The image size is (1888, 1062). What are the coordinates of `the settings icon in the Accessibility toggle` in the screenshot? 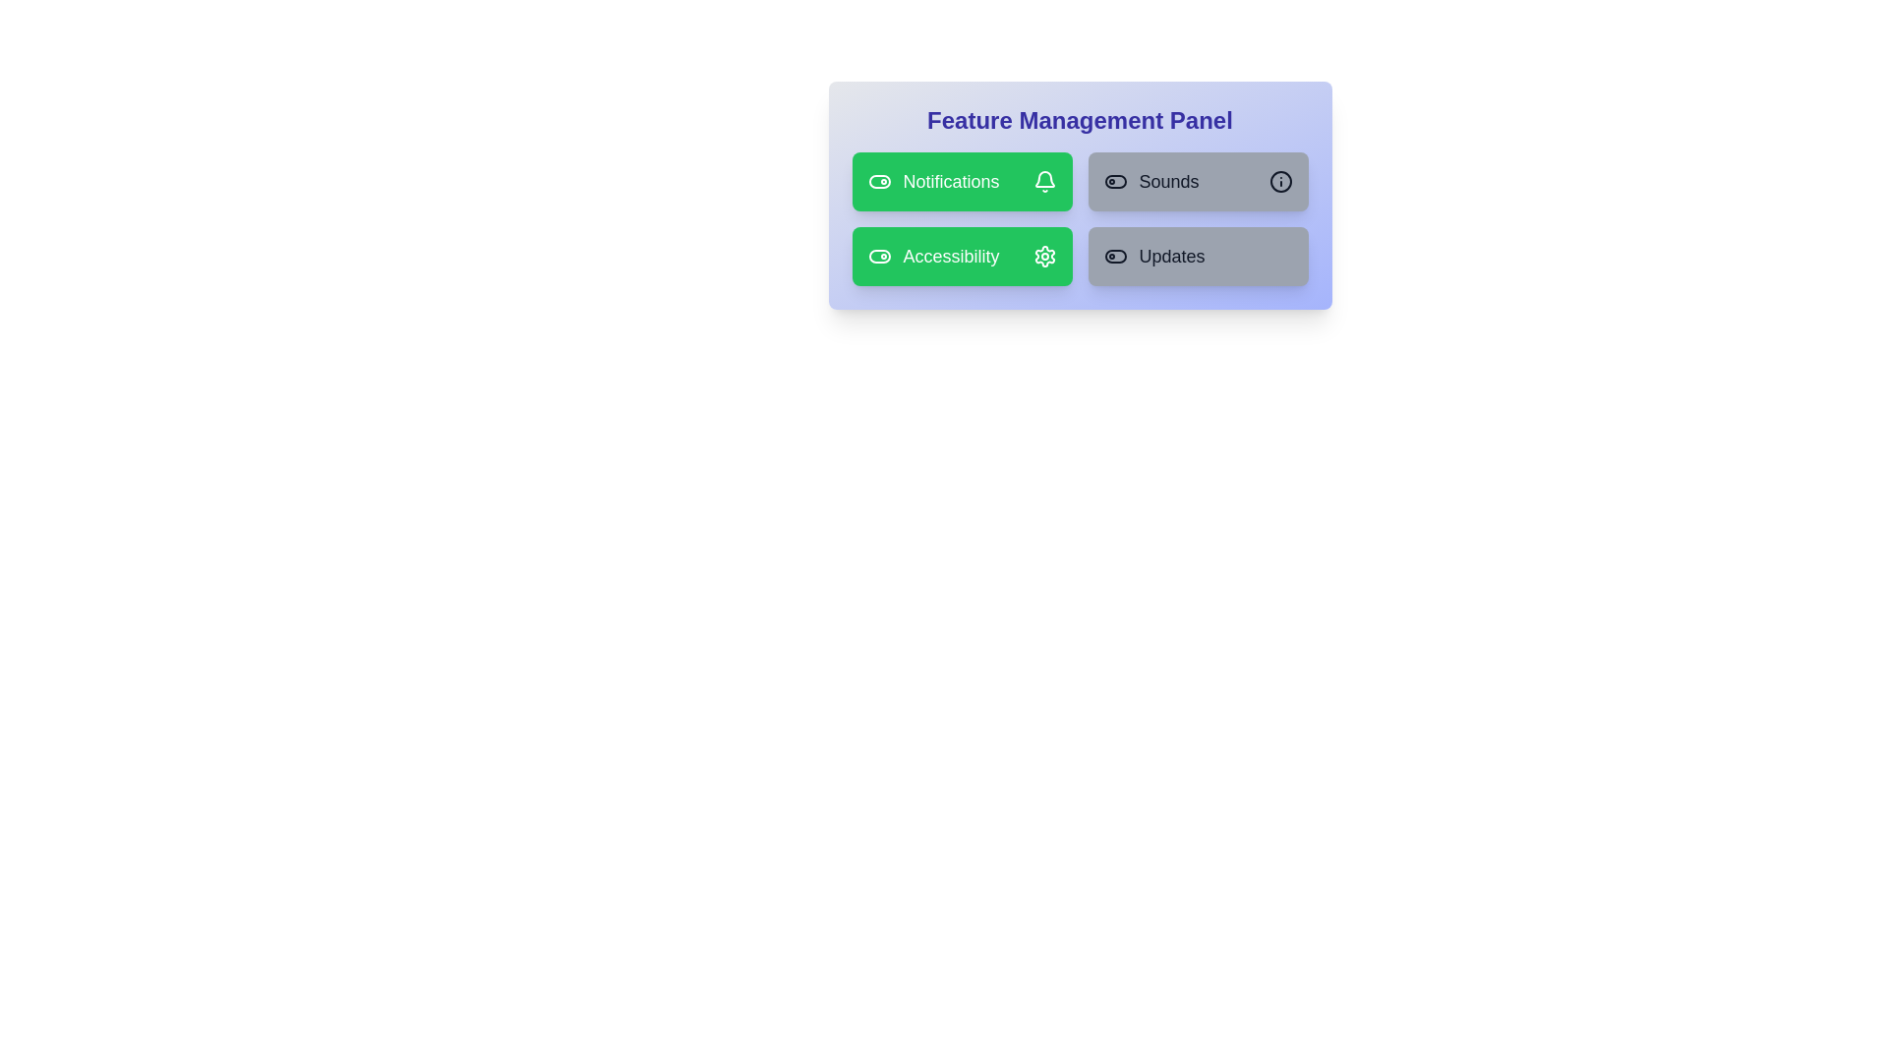 It's located at (1043, 256).